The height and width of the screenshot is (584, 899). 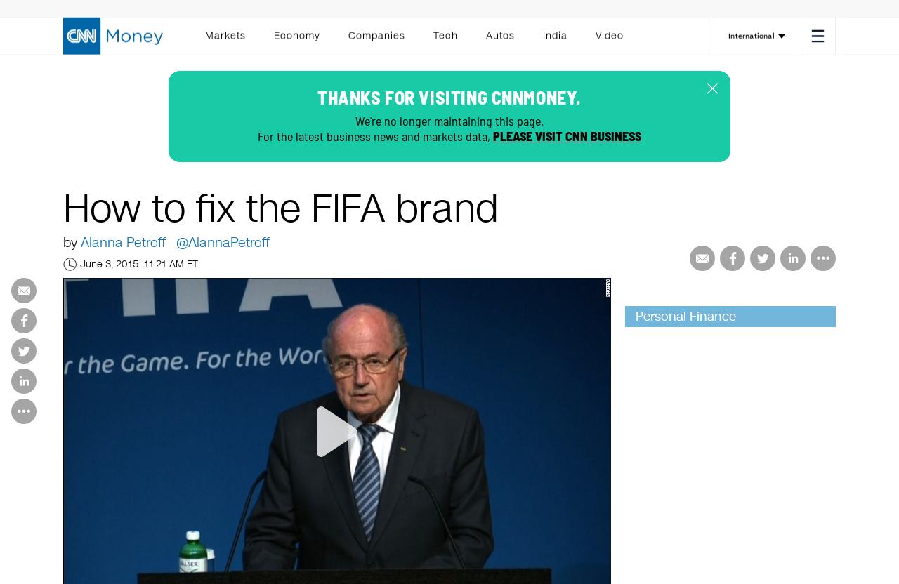 I want to click on 'Markets', so click(x=225, y=39).